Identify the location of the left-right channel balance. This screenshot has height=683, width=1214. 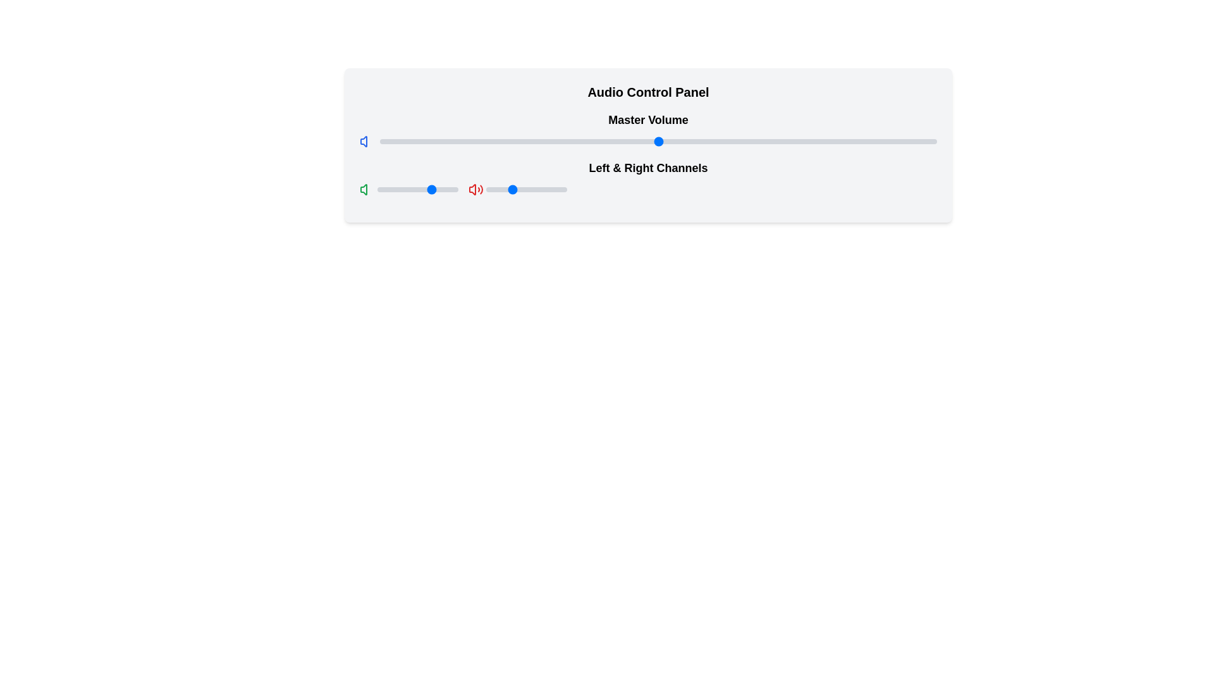
(396, 190).